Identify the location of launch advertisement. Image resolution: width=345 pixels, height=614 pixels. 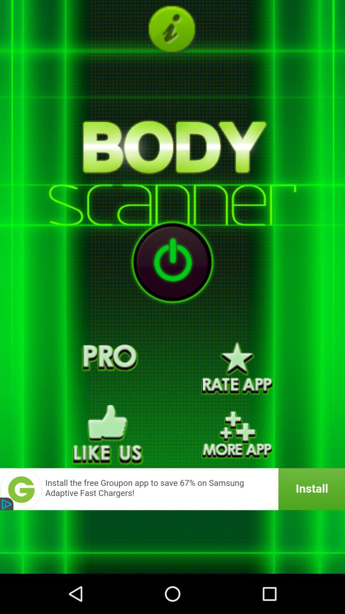
(172, 489).